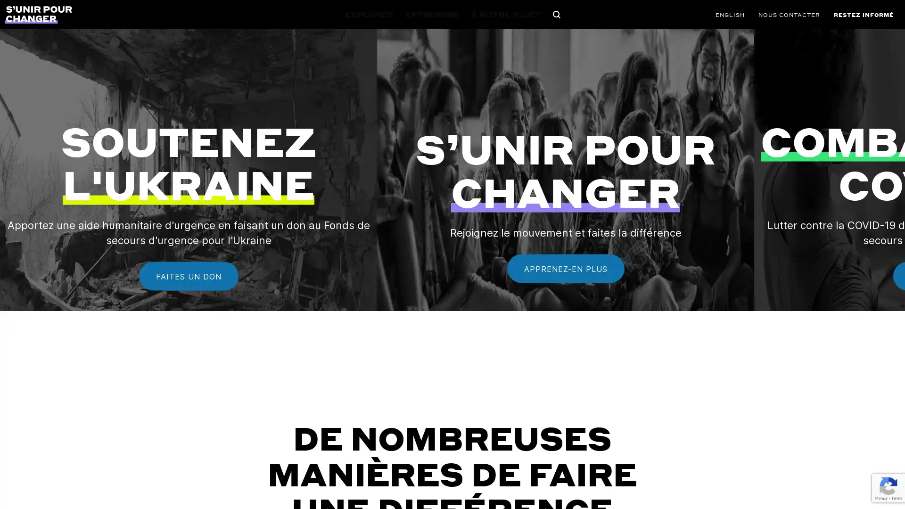 This screenshot has width=905, height=509. What do you see at coordinates (491, 369) in the screenshot?
I see `3` at bounding box center [491, 369].